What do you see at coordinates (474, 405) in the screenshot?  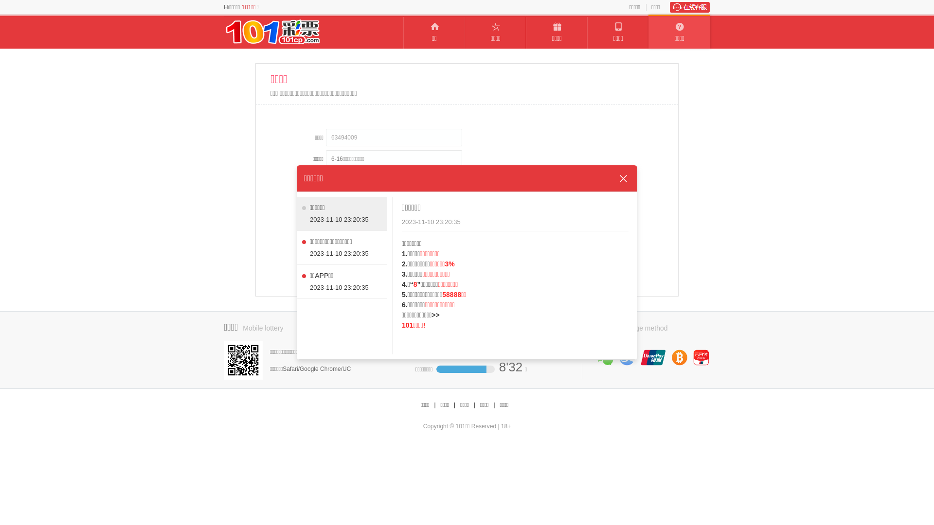 I see `'|'` at bounding box center [474, 405].